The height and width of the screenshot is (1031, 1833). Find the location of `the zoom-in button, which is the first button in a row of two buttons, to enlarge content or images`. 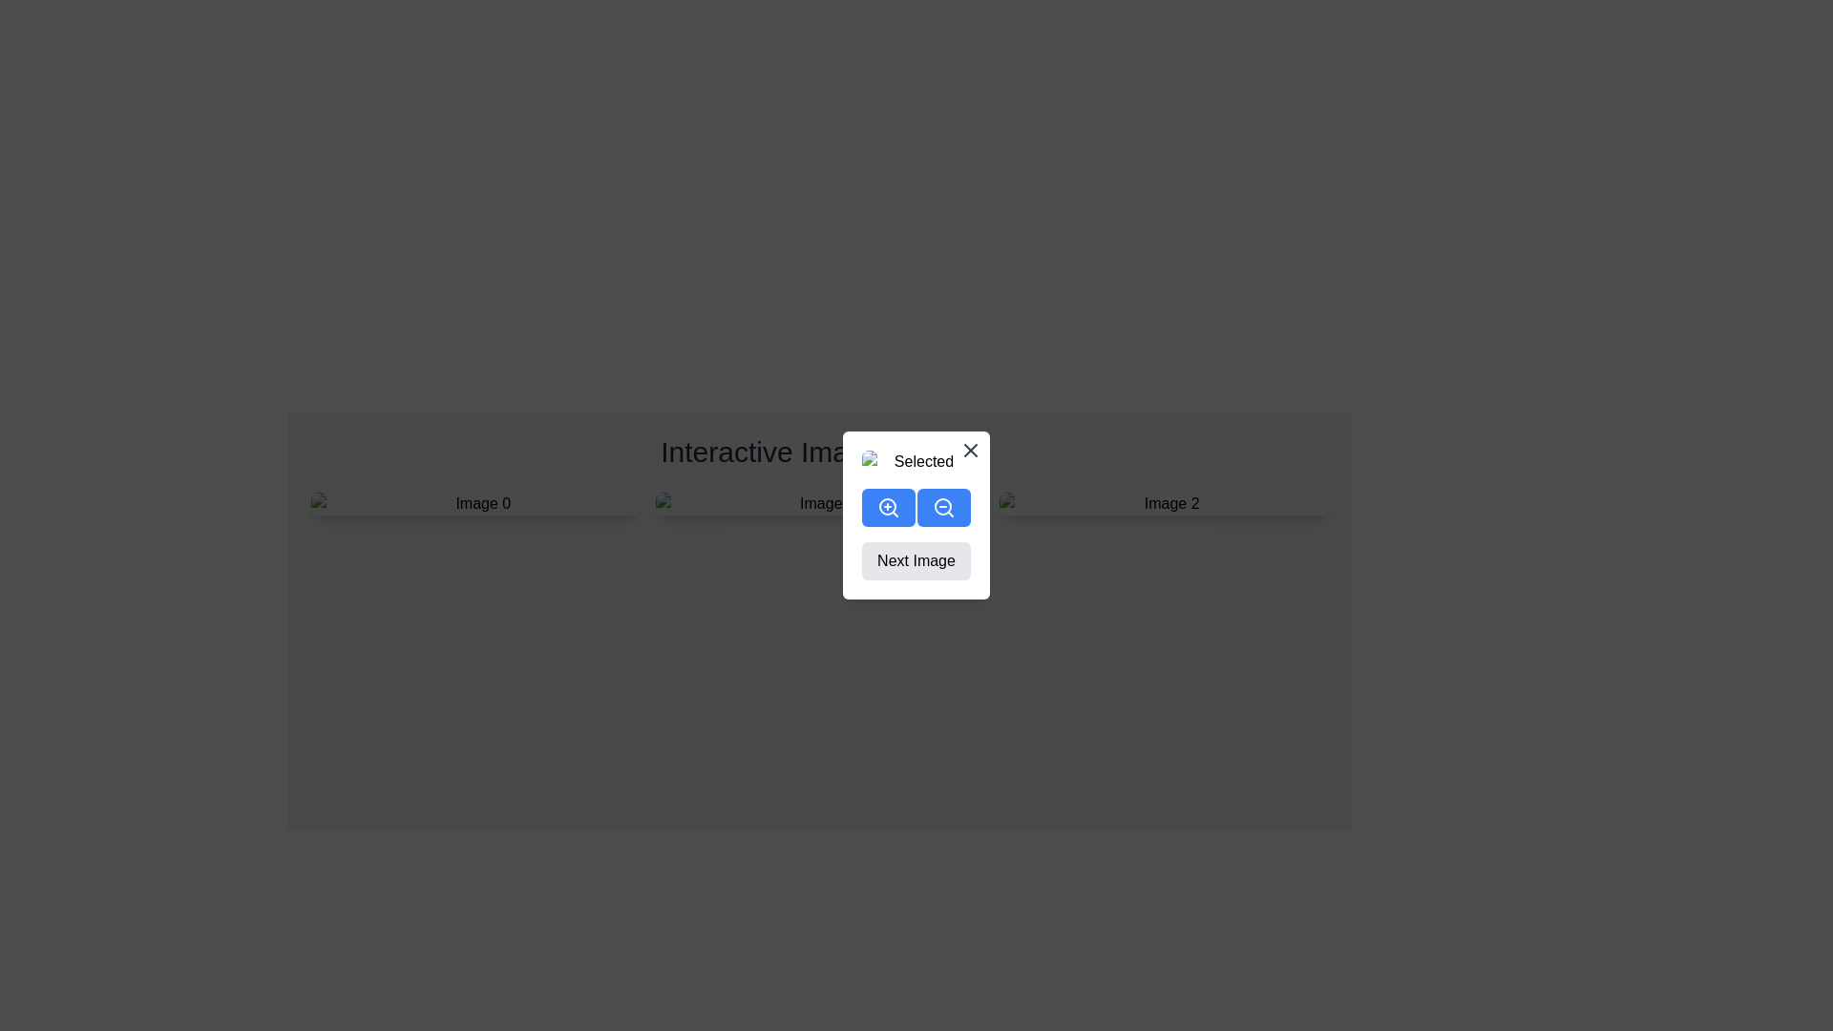

the zoom-in button, which is the first button in a row of two buttons, to enlarge content or images is located at coordinates (888, 507).